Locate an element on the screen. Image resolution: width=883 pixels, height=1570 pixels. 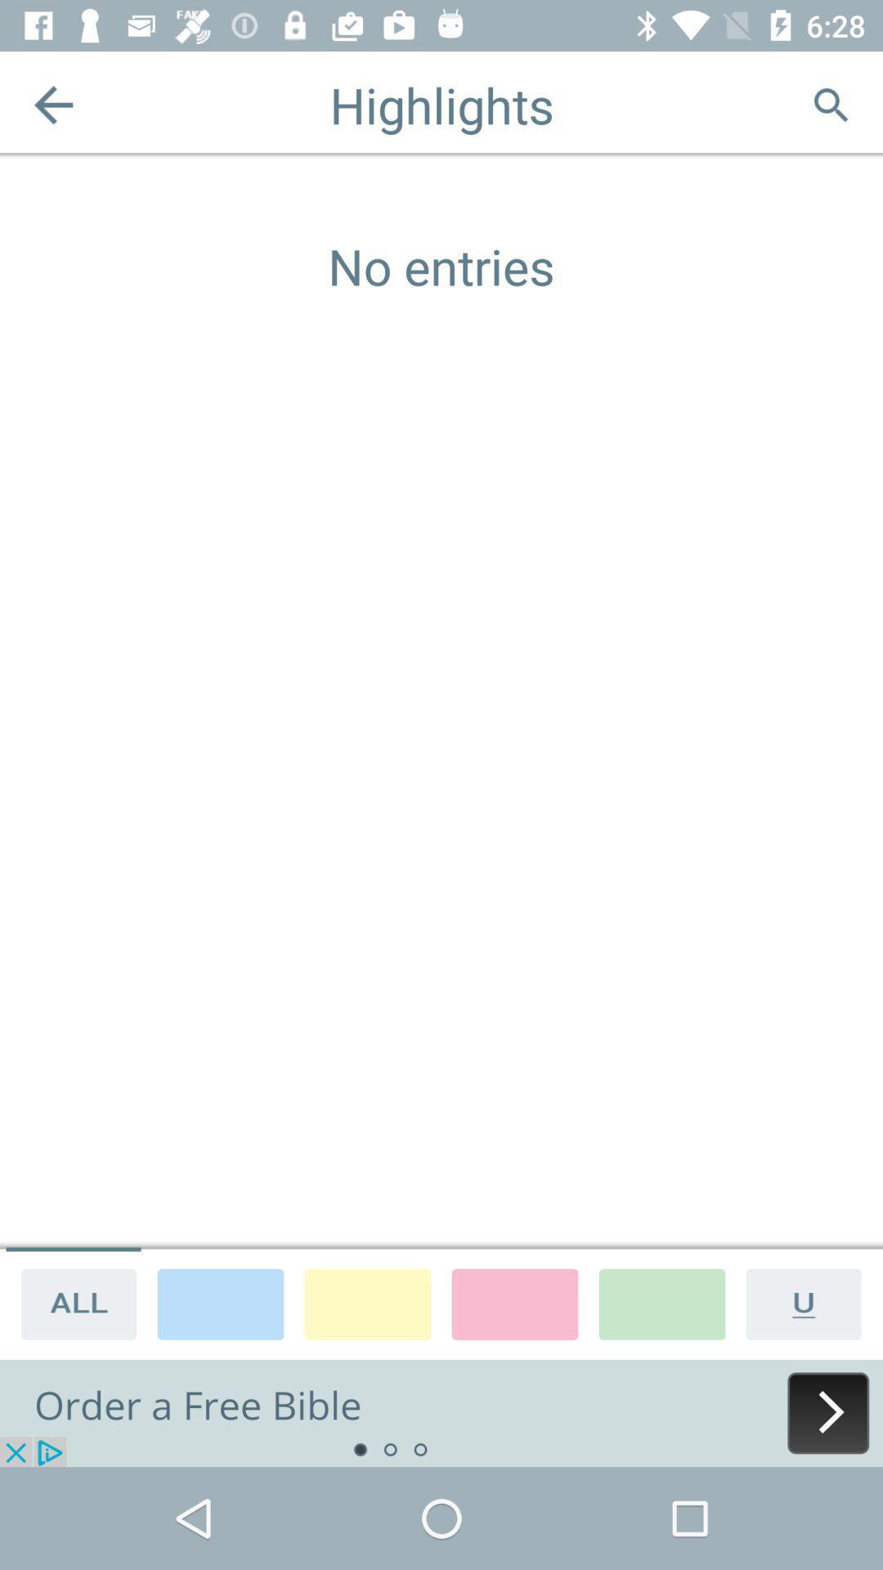
color icons is located at coordinates (221, 1303).